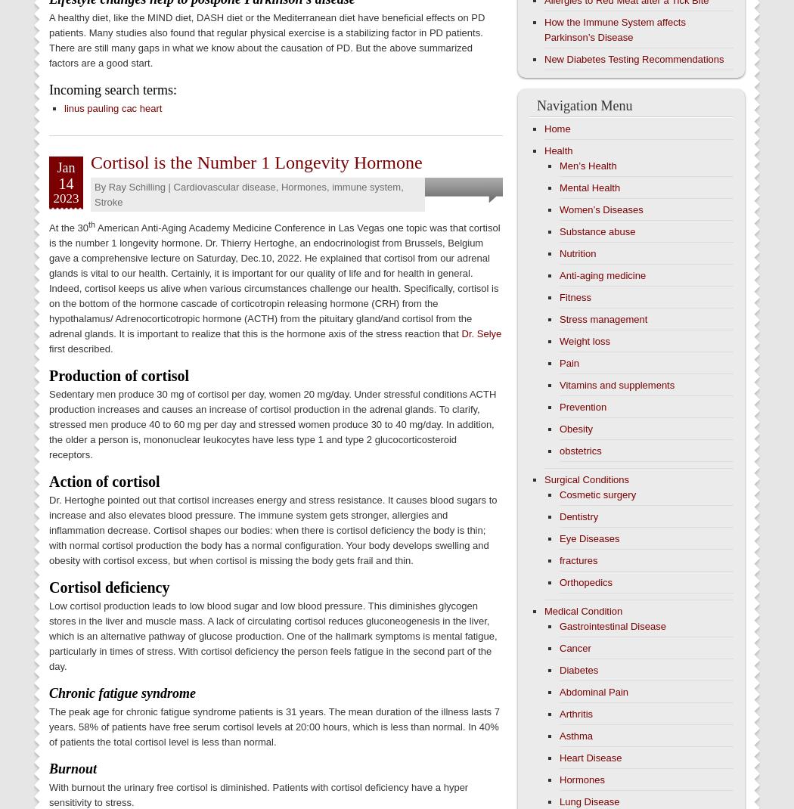  Describe the element at coordinates (257, 795) in the screenshot. I see `'With burnout the urinary free cortisol is diminished. Patients with cortisol deficiency have a hyper sensitivity to stress.'` at that location.